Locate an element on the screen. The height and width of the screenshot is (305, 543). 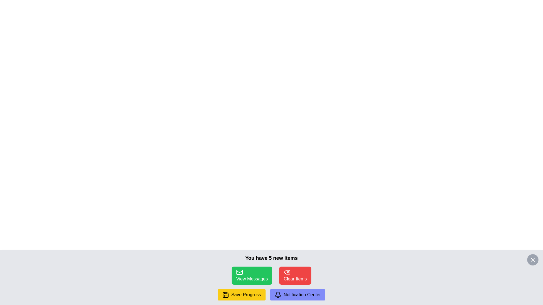
the message icon located to the left of the 'View Messages' button to trigger hover states is located at coordinates (240, 272).